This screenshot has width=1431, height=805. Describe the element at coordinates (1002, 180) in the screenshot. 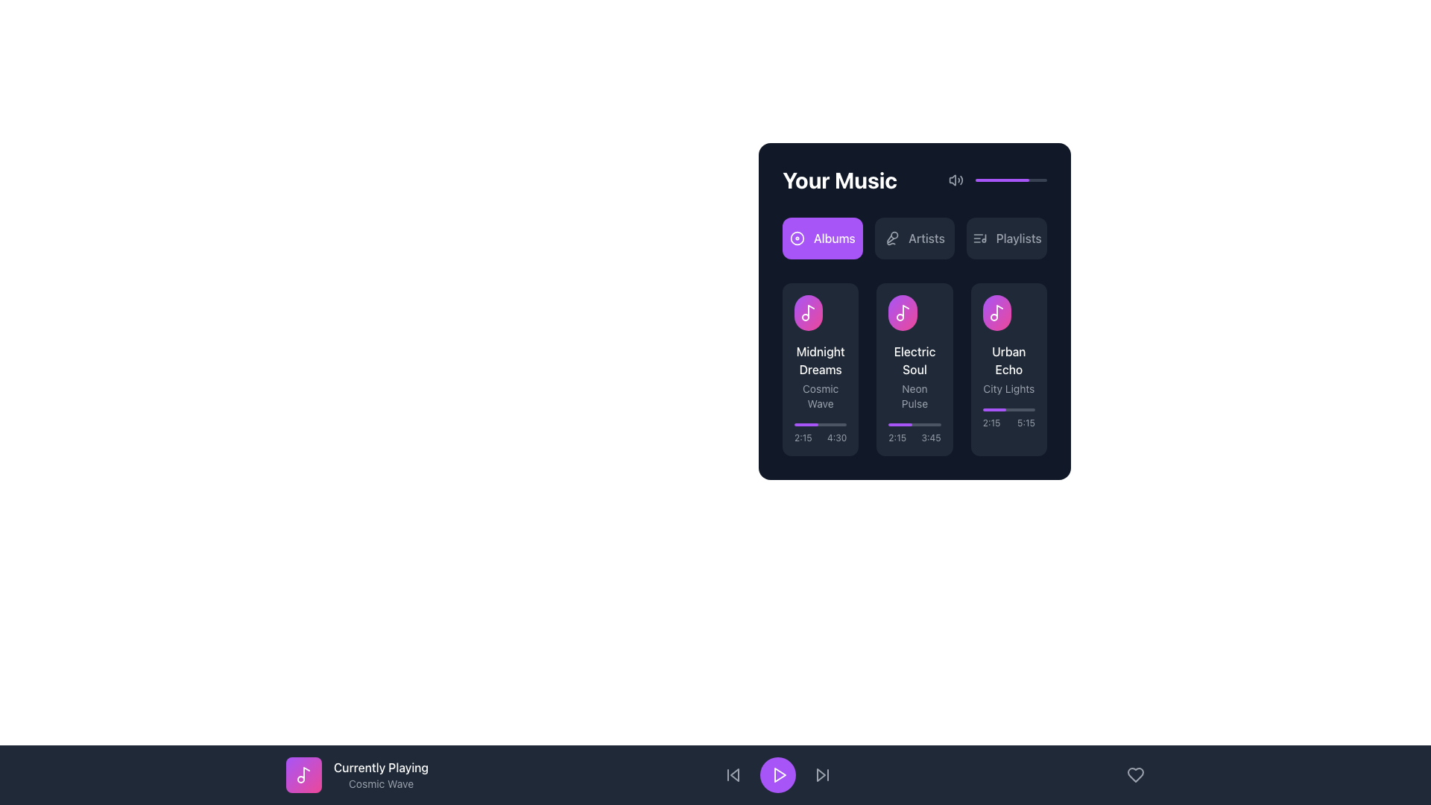

I see `the purple progress bar segment located in the top-right corner of the interface, which is part of a progress indicator` at that location.